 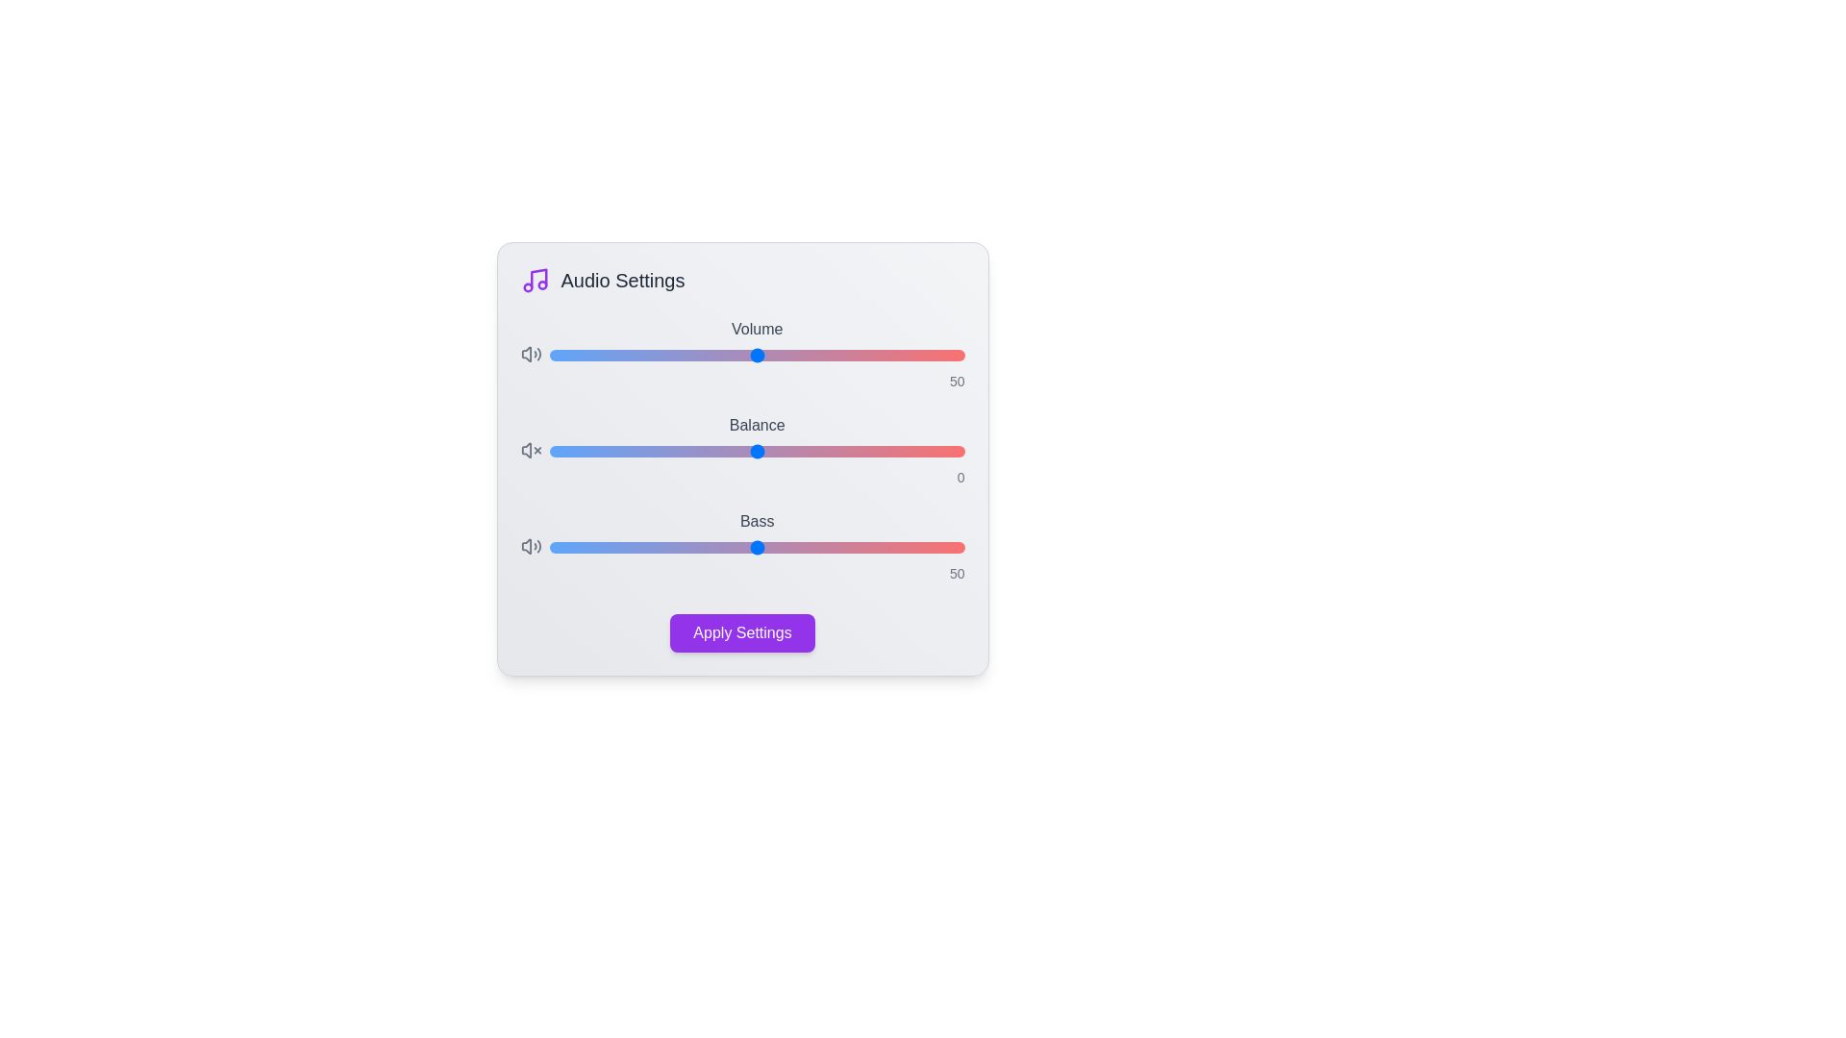 What do you see at coordinates (674, 548) in the screenshot?
I see `the 'Bass' slider to 30` at bounding box center [674, 548].